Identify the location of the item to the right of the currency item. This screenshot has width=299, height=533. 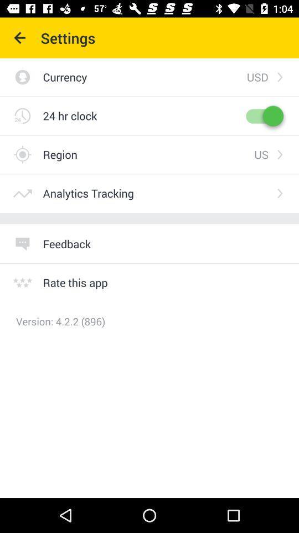
(257, 76).